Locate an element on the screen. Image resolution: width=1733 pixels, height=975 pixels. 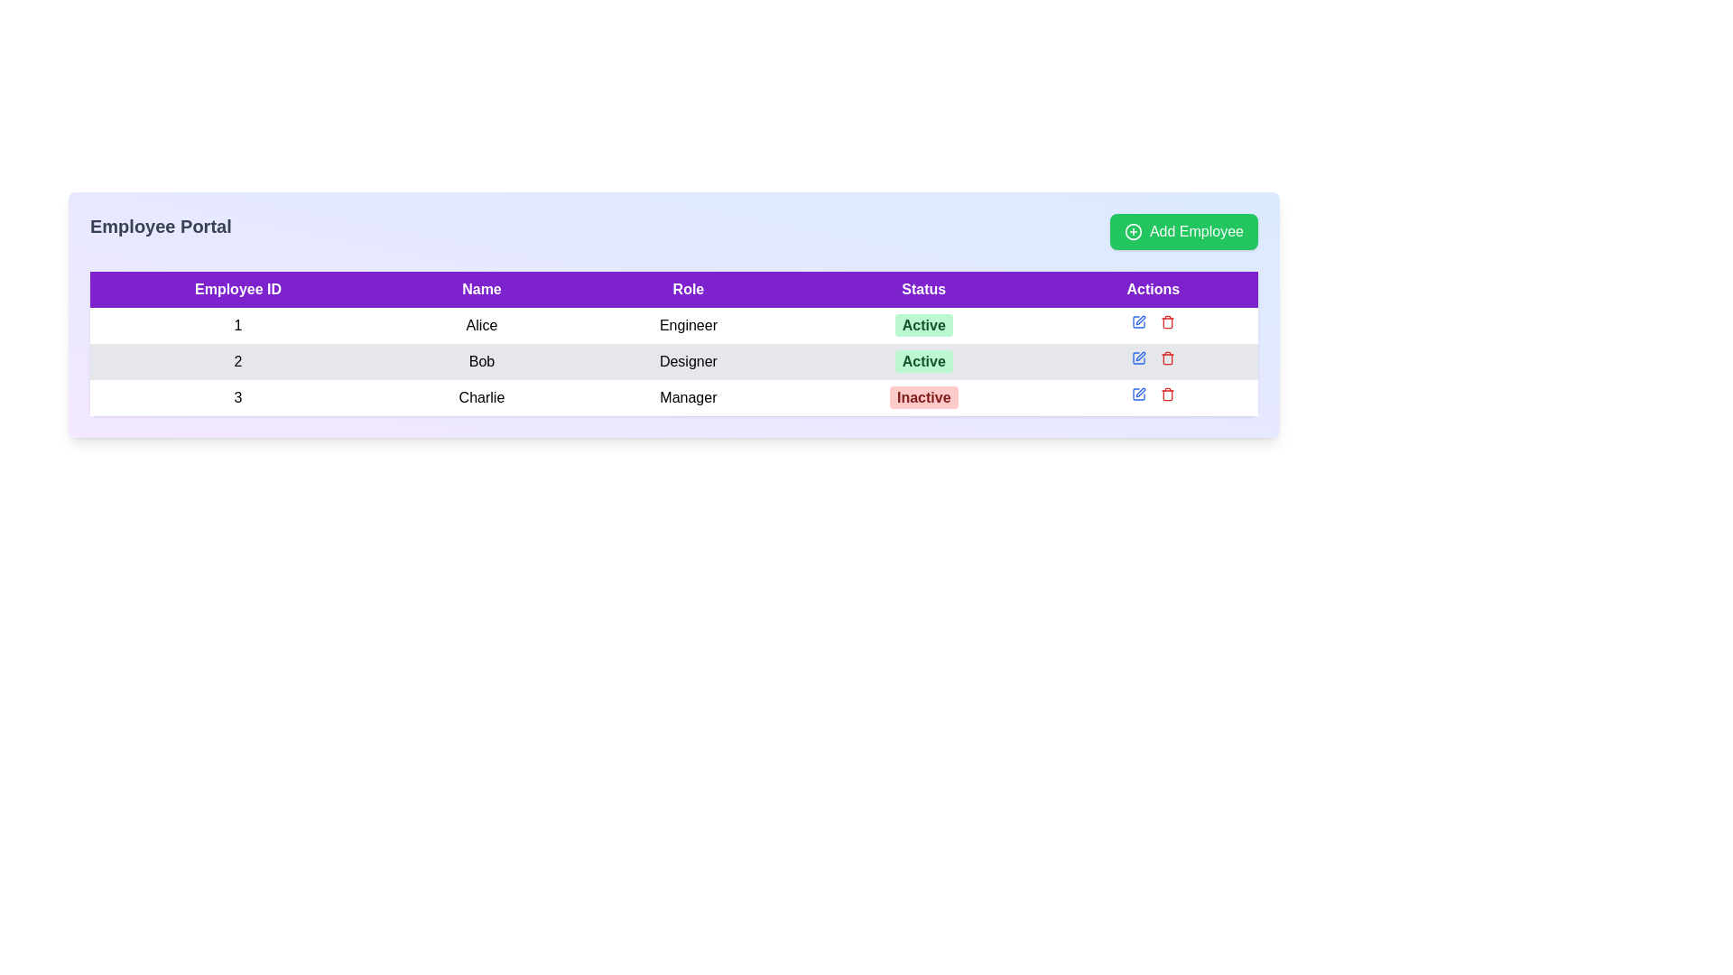
the Text element that signifies the employee identification number for 'Bob', located in the second row under the 'Employee ID' column is located at coordinates (237, 362).